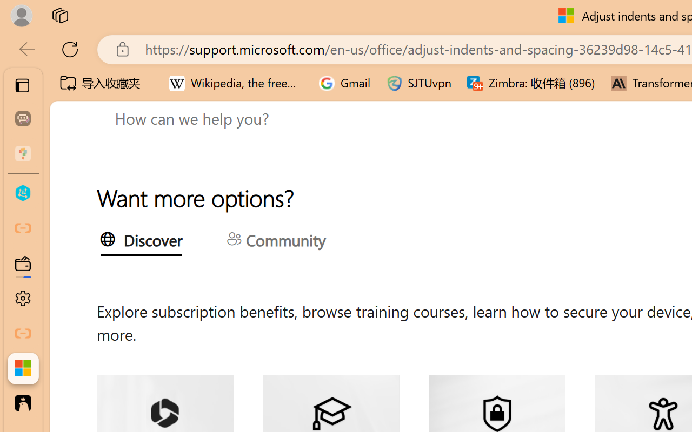 This screenshot has width=692, height=432. What do you see at coordinates (344, 83) in the screenshot?
I see `'Gmail'` at bounding box center [344, 83].